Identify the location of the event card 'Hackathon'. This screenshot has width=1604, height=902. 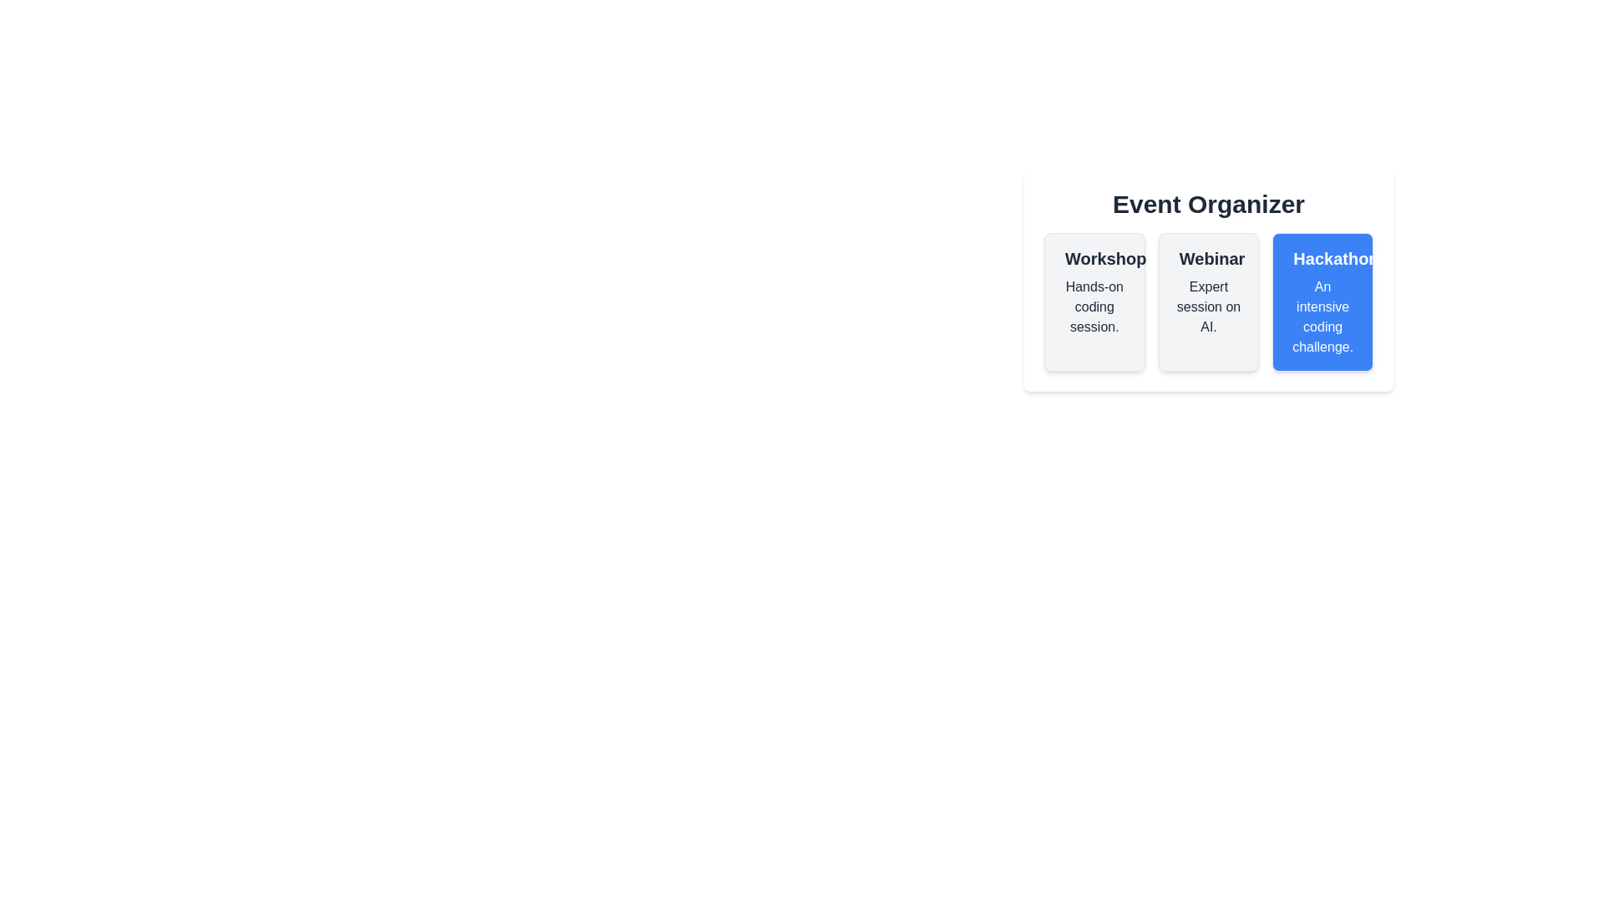
(1322, 302).